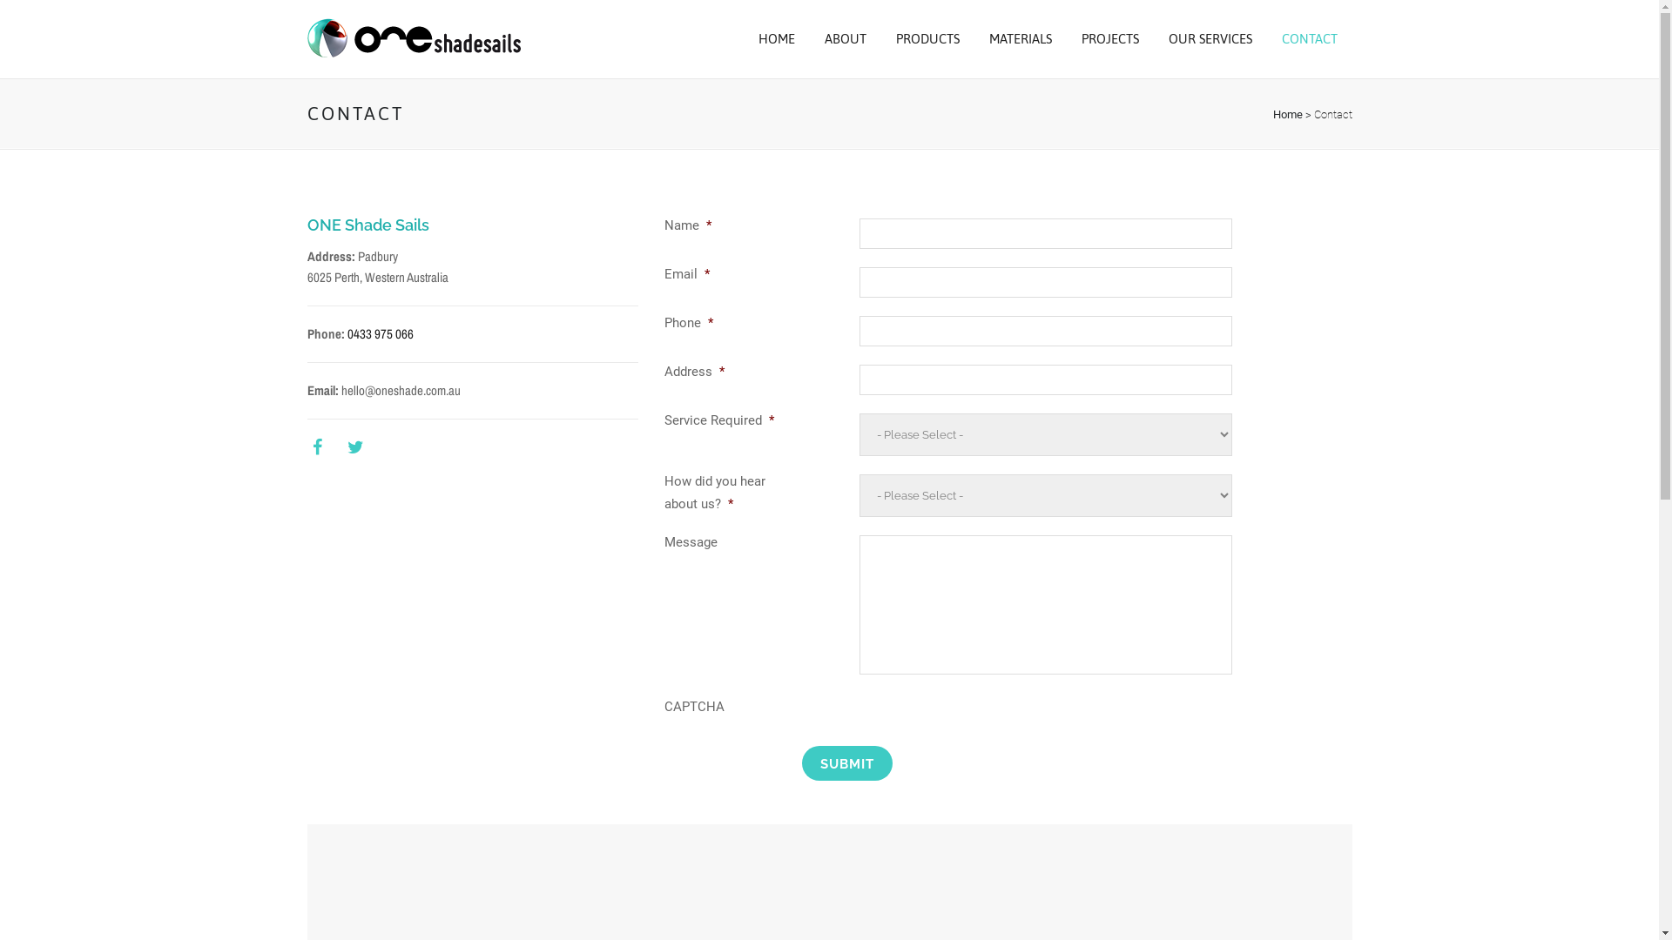 The height and width of the screenshot is (940, 1672). Describe the element at coordinates (1020, 39) in the screenshot. I see `'MATERIALS'` at that location.